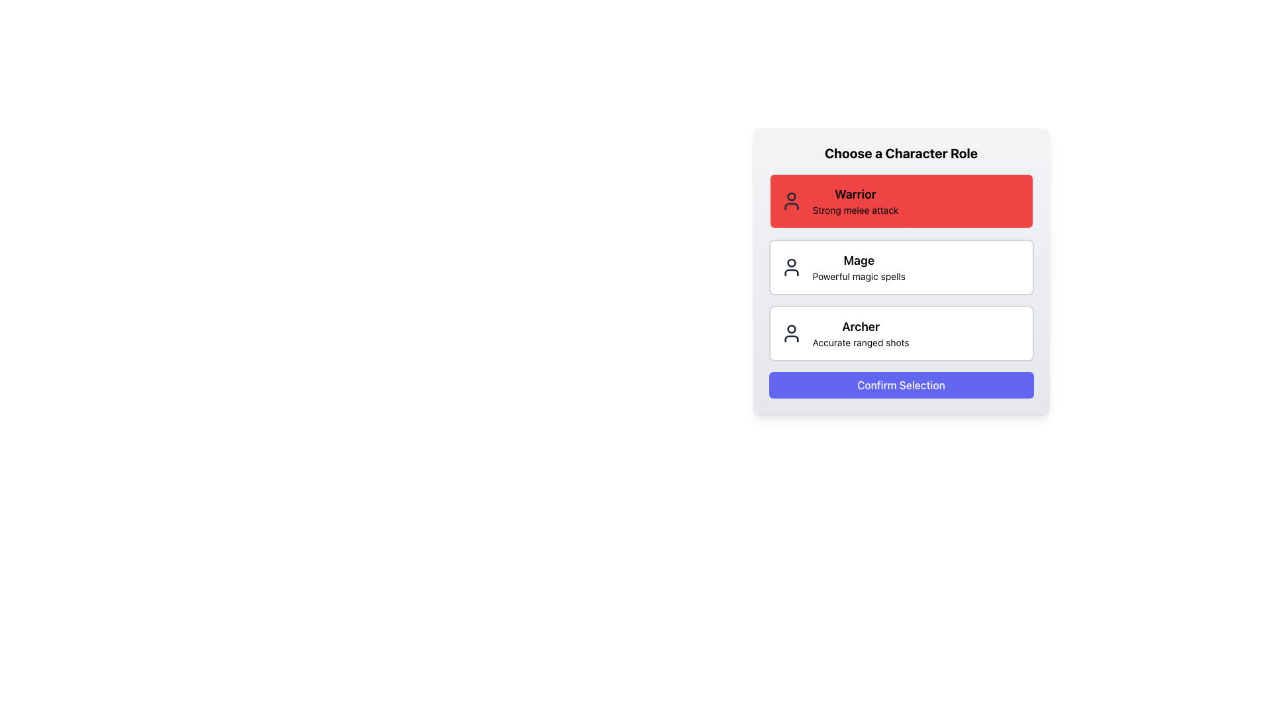  I want to click on to select the 'Mage' character role option from the vertical list of character roles, which is the second option in the list, so click(900, 267).